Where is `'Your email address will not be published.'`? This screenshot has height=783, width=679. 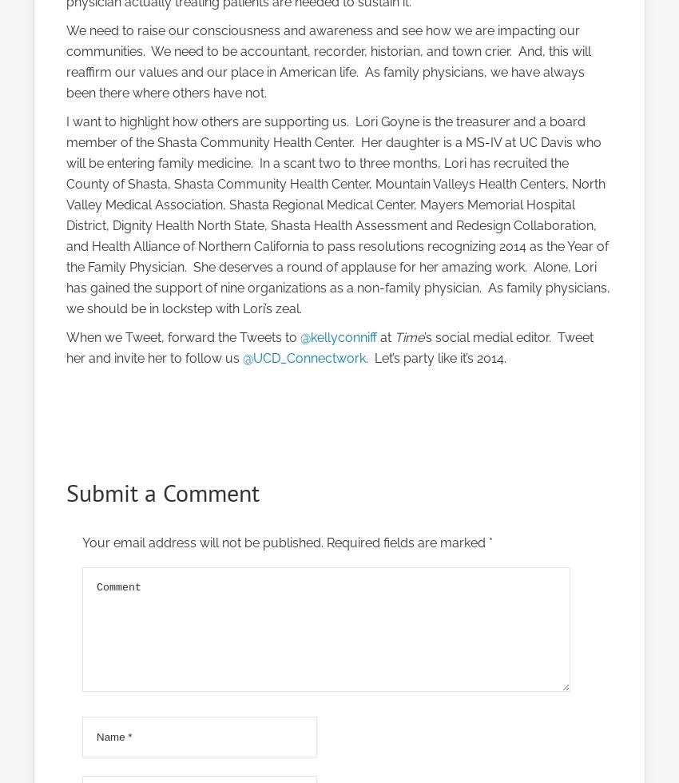 'Your email address will not be published.' is located at coordinates (81, 543).